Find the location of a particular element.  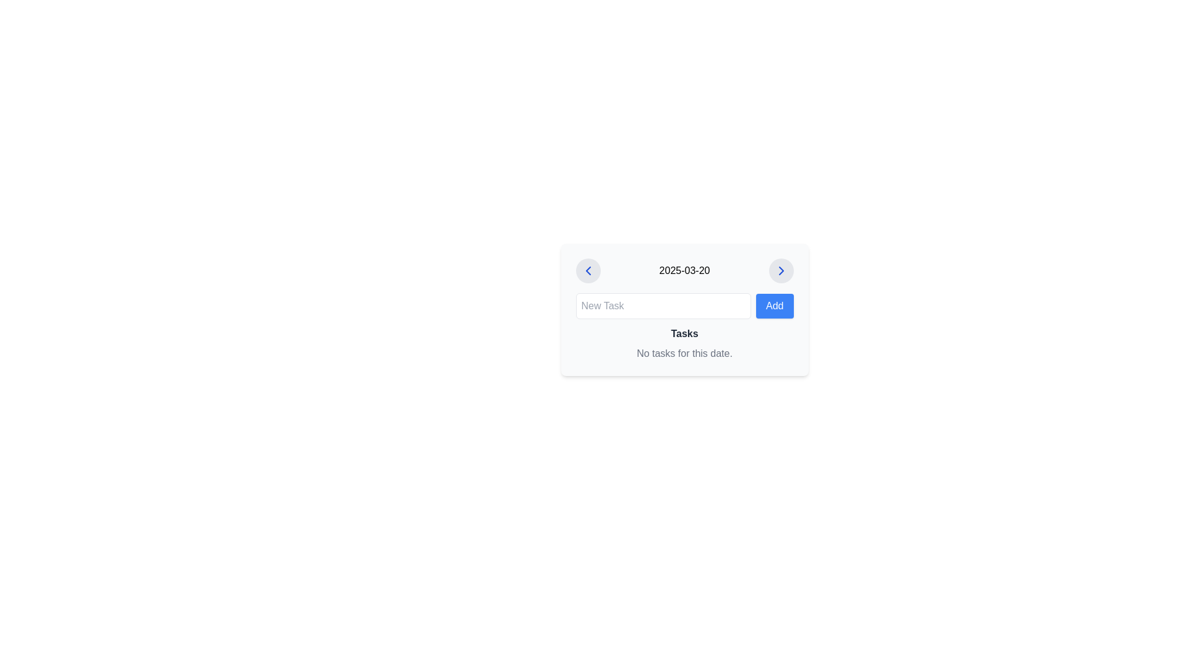

the 'Add' button, which has a blue background, white text, and rounded corners is located at coordinates (774, 306).